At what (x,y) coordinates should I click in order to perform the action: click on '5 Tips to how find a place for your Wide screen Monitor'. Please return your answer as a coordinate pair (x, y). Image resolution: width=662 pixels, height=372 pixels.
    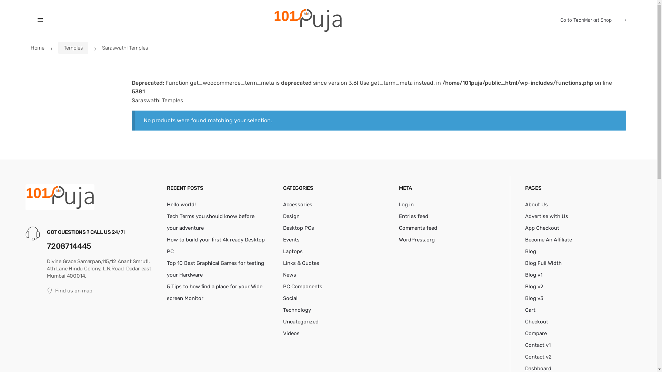
    Looking at the image, I should click on (167, 292).